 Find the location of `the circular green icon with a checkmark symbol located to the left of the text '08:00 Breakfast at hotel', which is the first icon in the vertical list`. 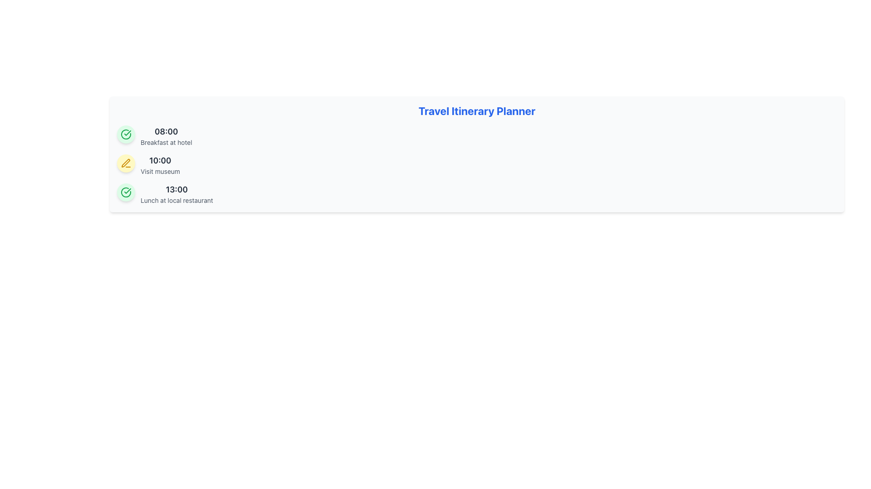

the circular green icon with a checkmark symbol located to the left of the text '08:00 Breakfast at hotel', which is the first icon in the vertical list is located at coordinates (126, 134).